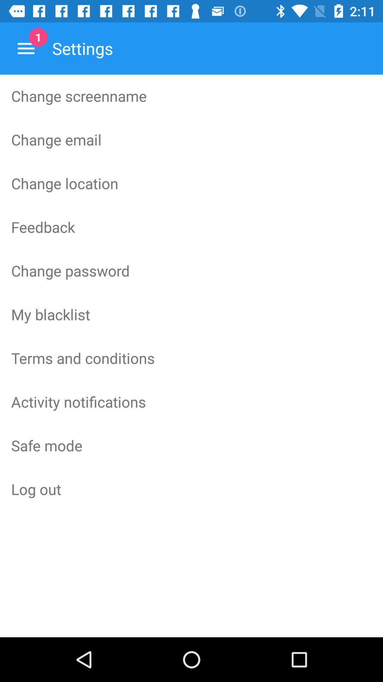 Image resolution: width=383 pixels, height=682 pixels. What do you see at coordinates (191, 489) in the screenshot?
I see `item below the safe mode` at bounding box center [191, 489].